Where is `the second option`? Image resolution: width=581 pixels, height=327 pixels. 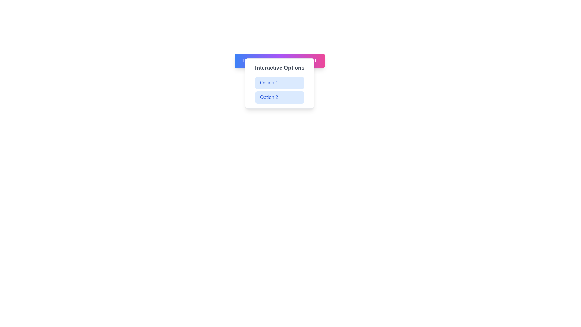 the second option is located at coordinates (279, 97).